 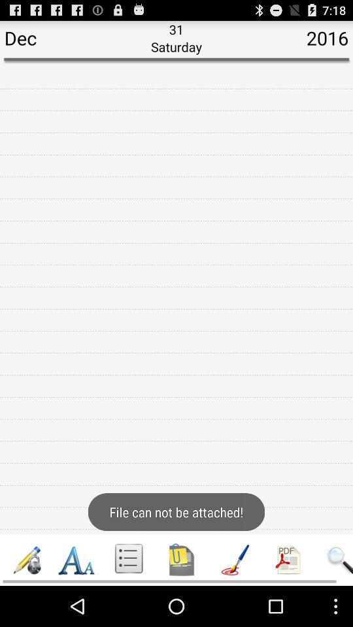 What do you see at coordinates (27, 599) in the screenshot?
I see `the edit icon` at bounding box center [27, 599].